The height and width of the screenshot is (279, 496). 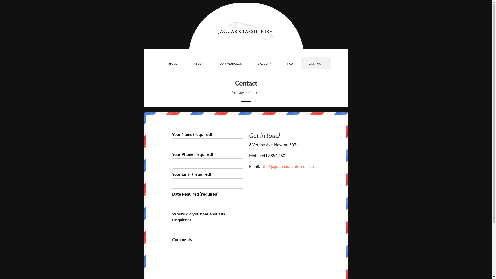 What do you see at coordinates (265, 63) in the screenshot?
I see `'GALLERY'` at bounding box center [265, 63].